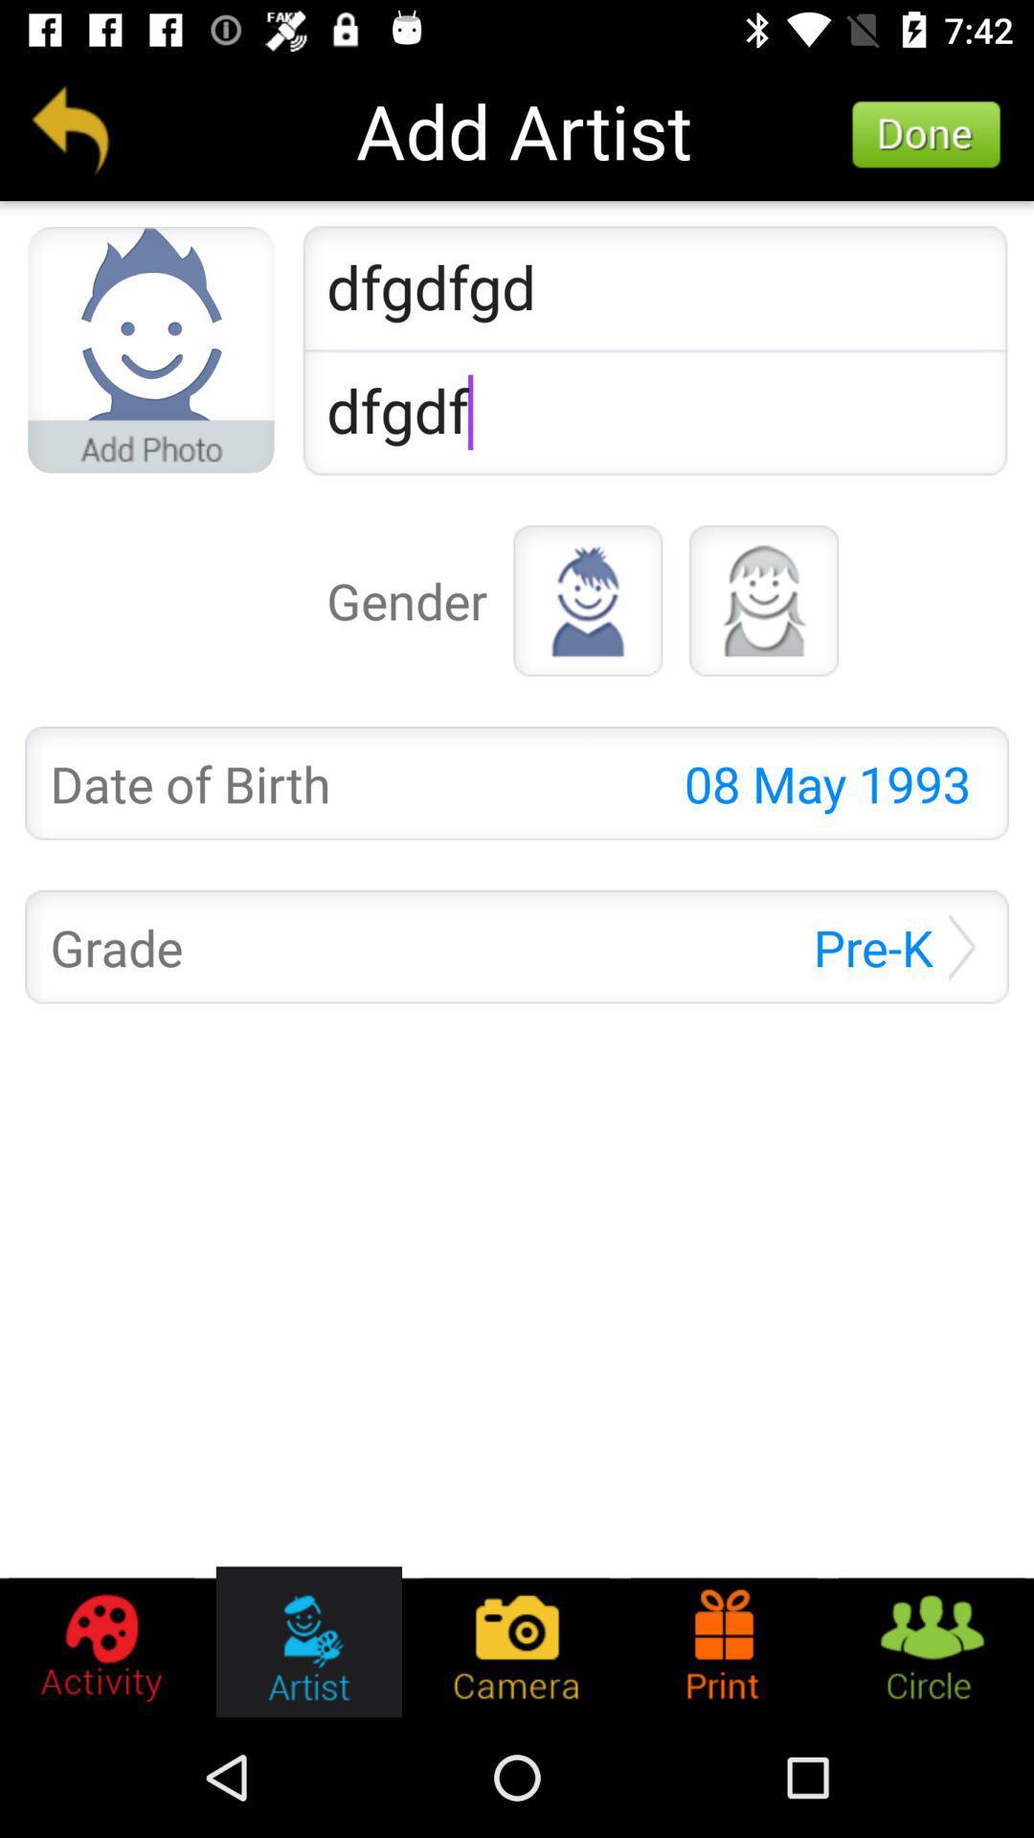 This screenshot has height=1838, width=1034. Describe the element at coordinates (930, 1641) in the screenshot. I see `the group icon` at that location.